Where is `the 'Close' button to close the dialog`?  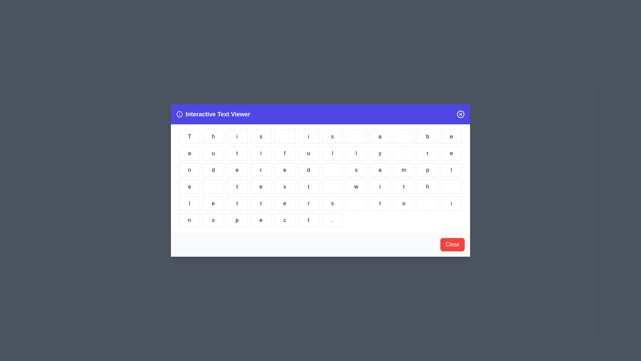 the 'Close' button to close the dialog is located at coordinates (452, 245).